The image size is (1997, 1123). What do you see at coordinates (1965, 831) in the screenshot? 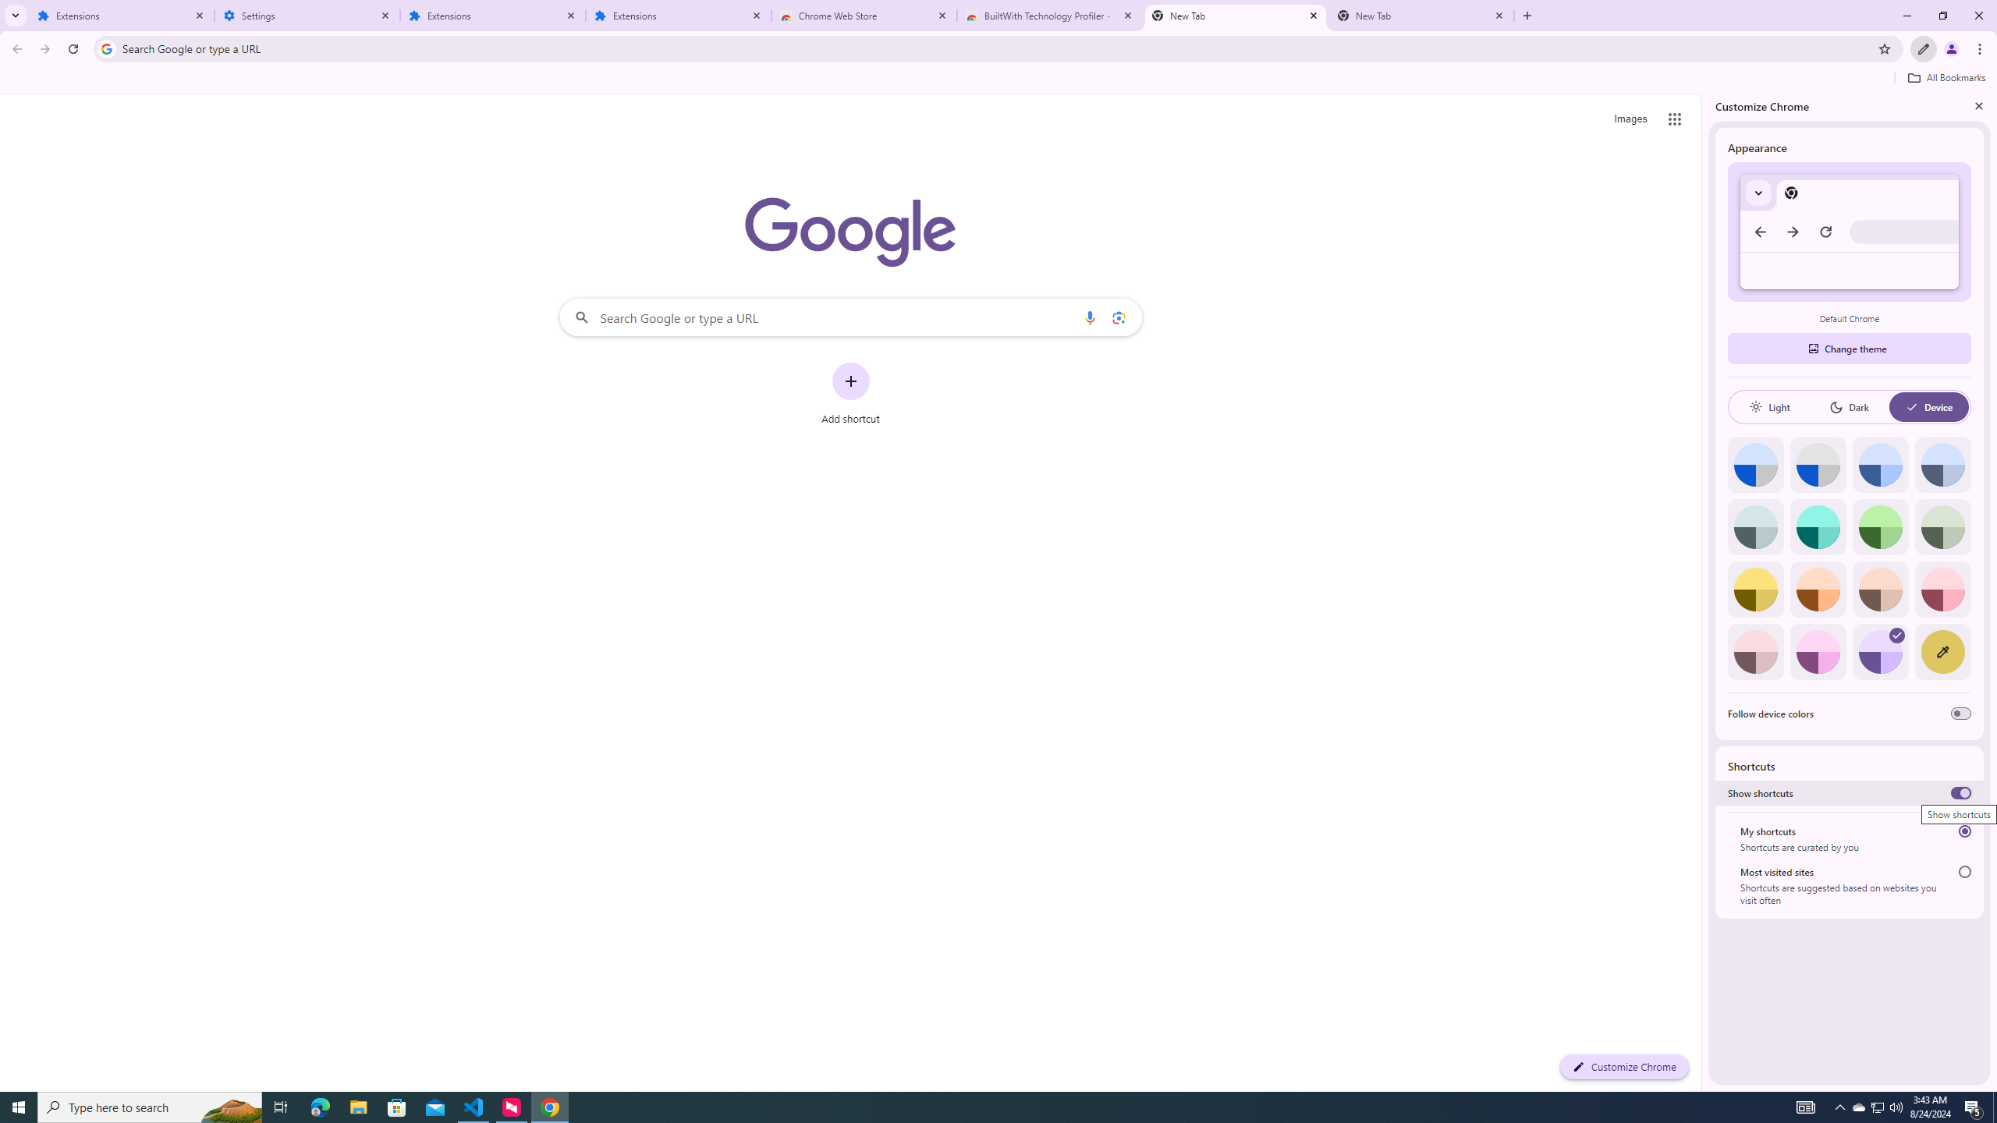
I see `'My shortcuts'` at bounding box center [1965, 831].